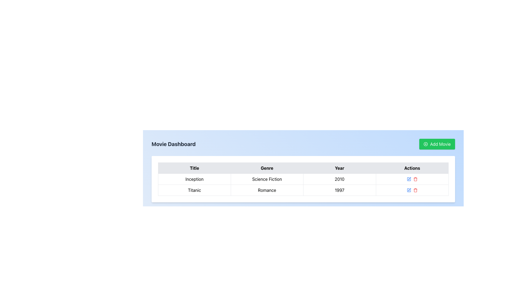 The image size is (517, 291). What do you see at coordinates (412, 190) in the screenshot?
I see `the button group located in the 'Actions' column of the second row corresponding to the movie entry 'Titanic Romance 1997'` at bounding box center [412, 190].